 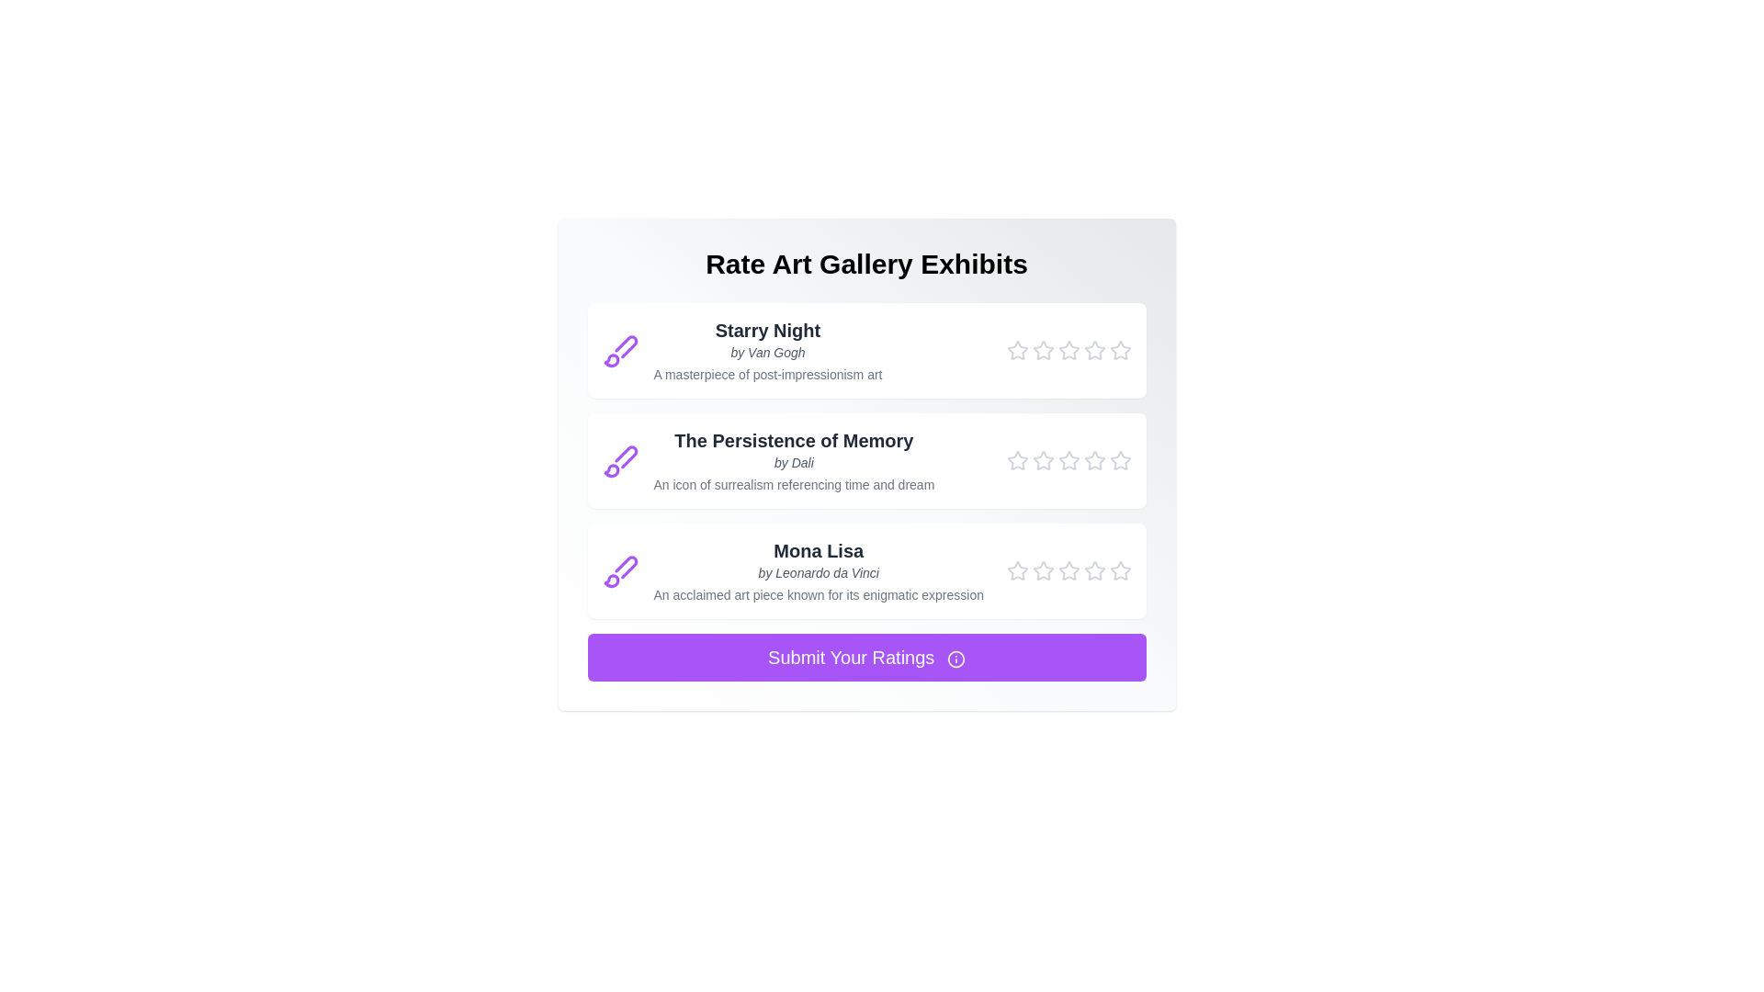 I want to click on the star corresponding to 5 for the painting titled The Persistence of Memory to set its rating, so click(x=1119, y=459).